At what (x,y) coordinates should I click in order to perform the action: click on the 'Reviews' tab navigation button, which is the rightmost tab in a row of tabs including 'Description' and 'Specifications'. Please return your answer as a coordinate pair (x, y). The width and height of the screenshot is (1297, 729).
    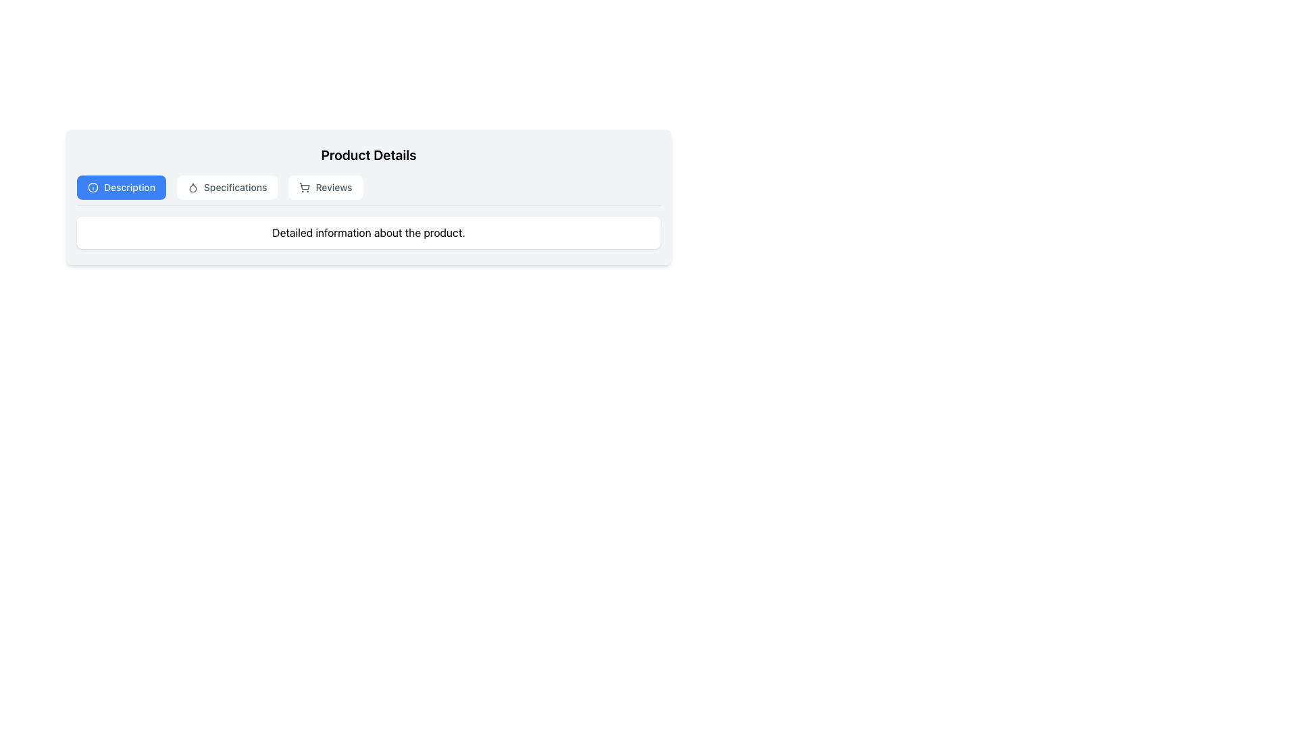
    Looking at the image, I should click on (326, 187).